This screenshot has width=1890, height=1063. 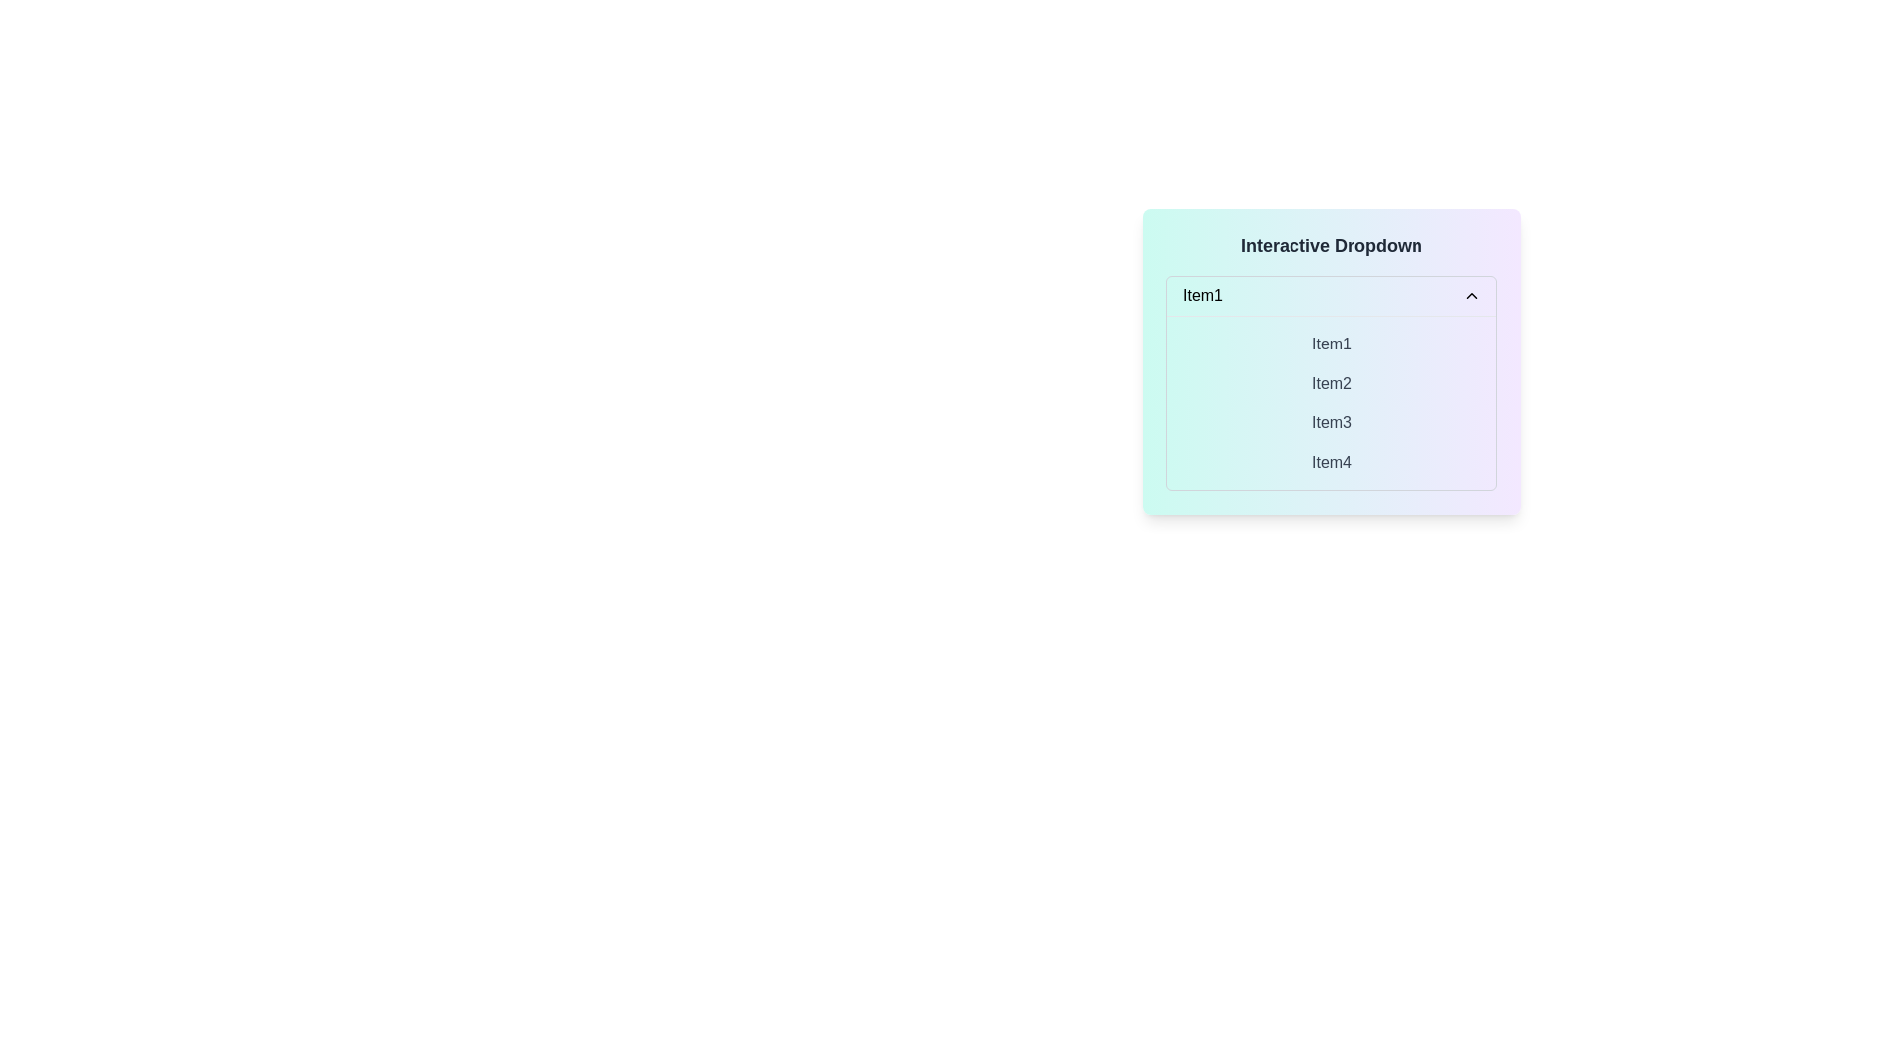 I want to click on the header-like text labeled 'Interactive Dropdown', which is styled in bold and larger font size, positioned at the top of a panel with a gradient background, so click(x=1332, y=245).